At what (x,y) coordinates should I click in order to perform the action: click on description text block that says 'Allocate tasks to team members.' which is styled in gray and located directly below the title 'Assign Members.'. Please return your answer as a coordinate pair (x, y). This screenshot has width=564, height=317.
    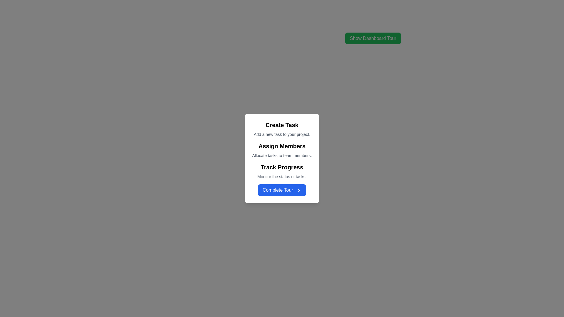
    Looking at the image, I should click on (282, 155).